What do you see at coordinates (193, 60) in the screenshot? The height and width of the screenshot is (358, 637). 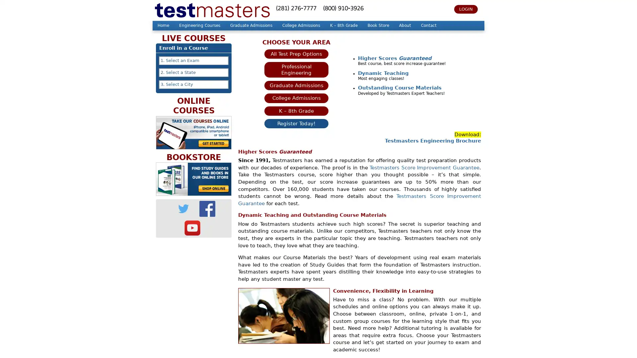 I see `1. Select an Exam` at bounding box center [193, 60].